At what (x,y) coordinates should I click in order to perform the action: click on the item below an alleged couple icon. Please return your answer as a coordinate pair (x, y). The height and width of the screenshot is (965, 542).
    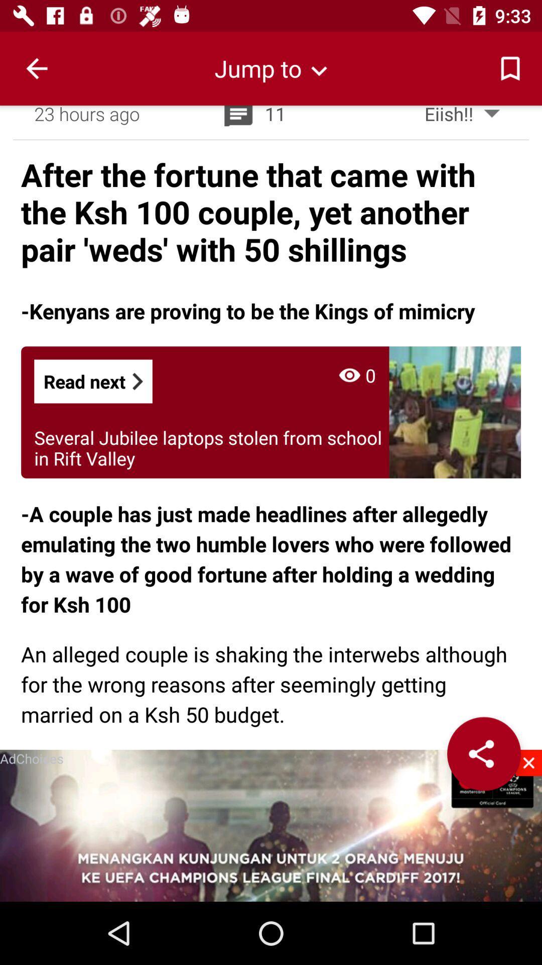
    Looking at the image, I should click on (528, 762).